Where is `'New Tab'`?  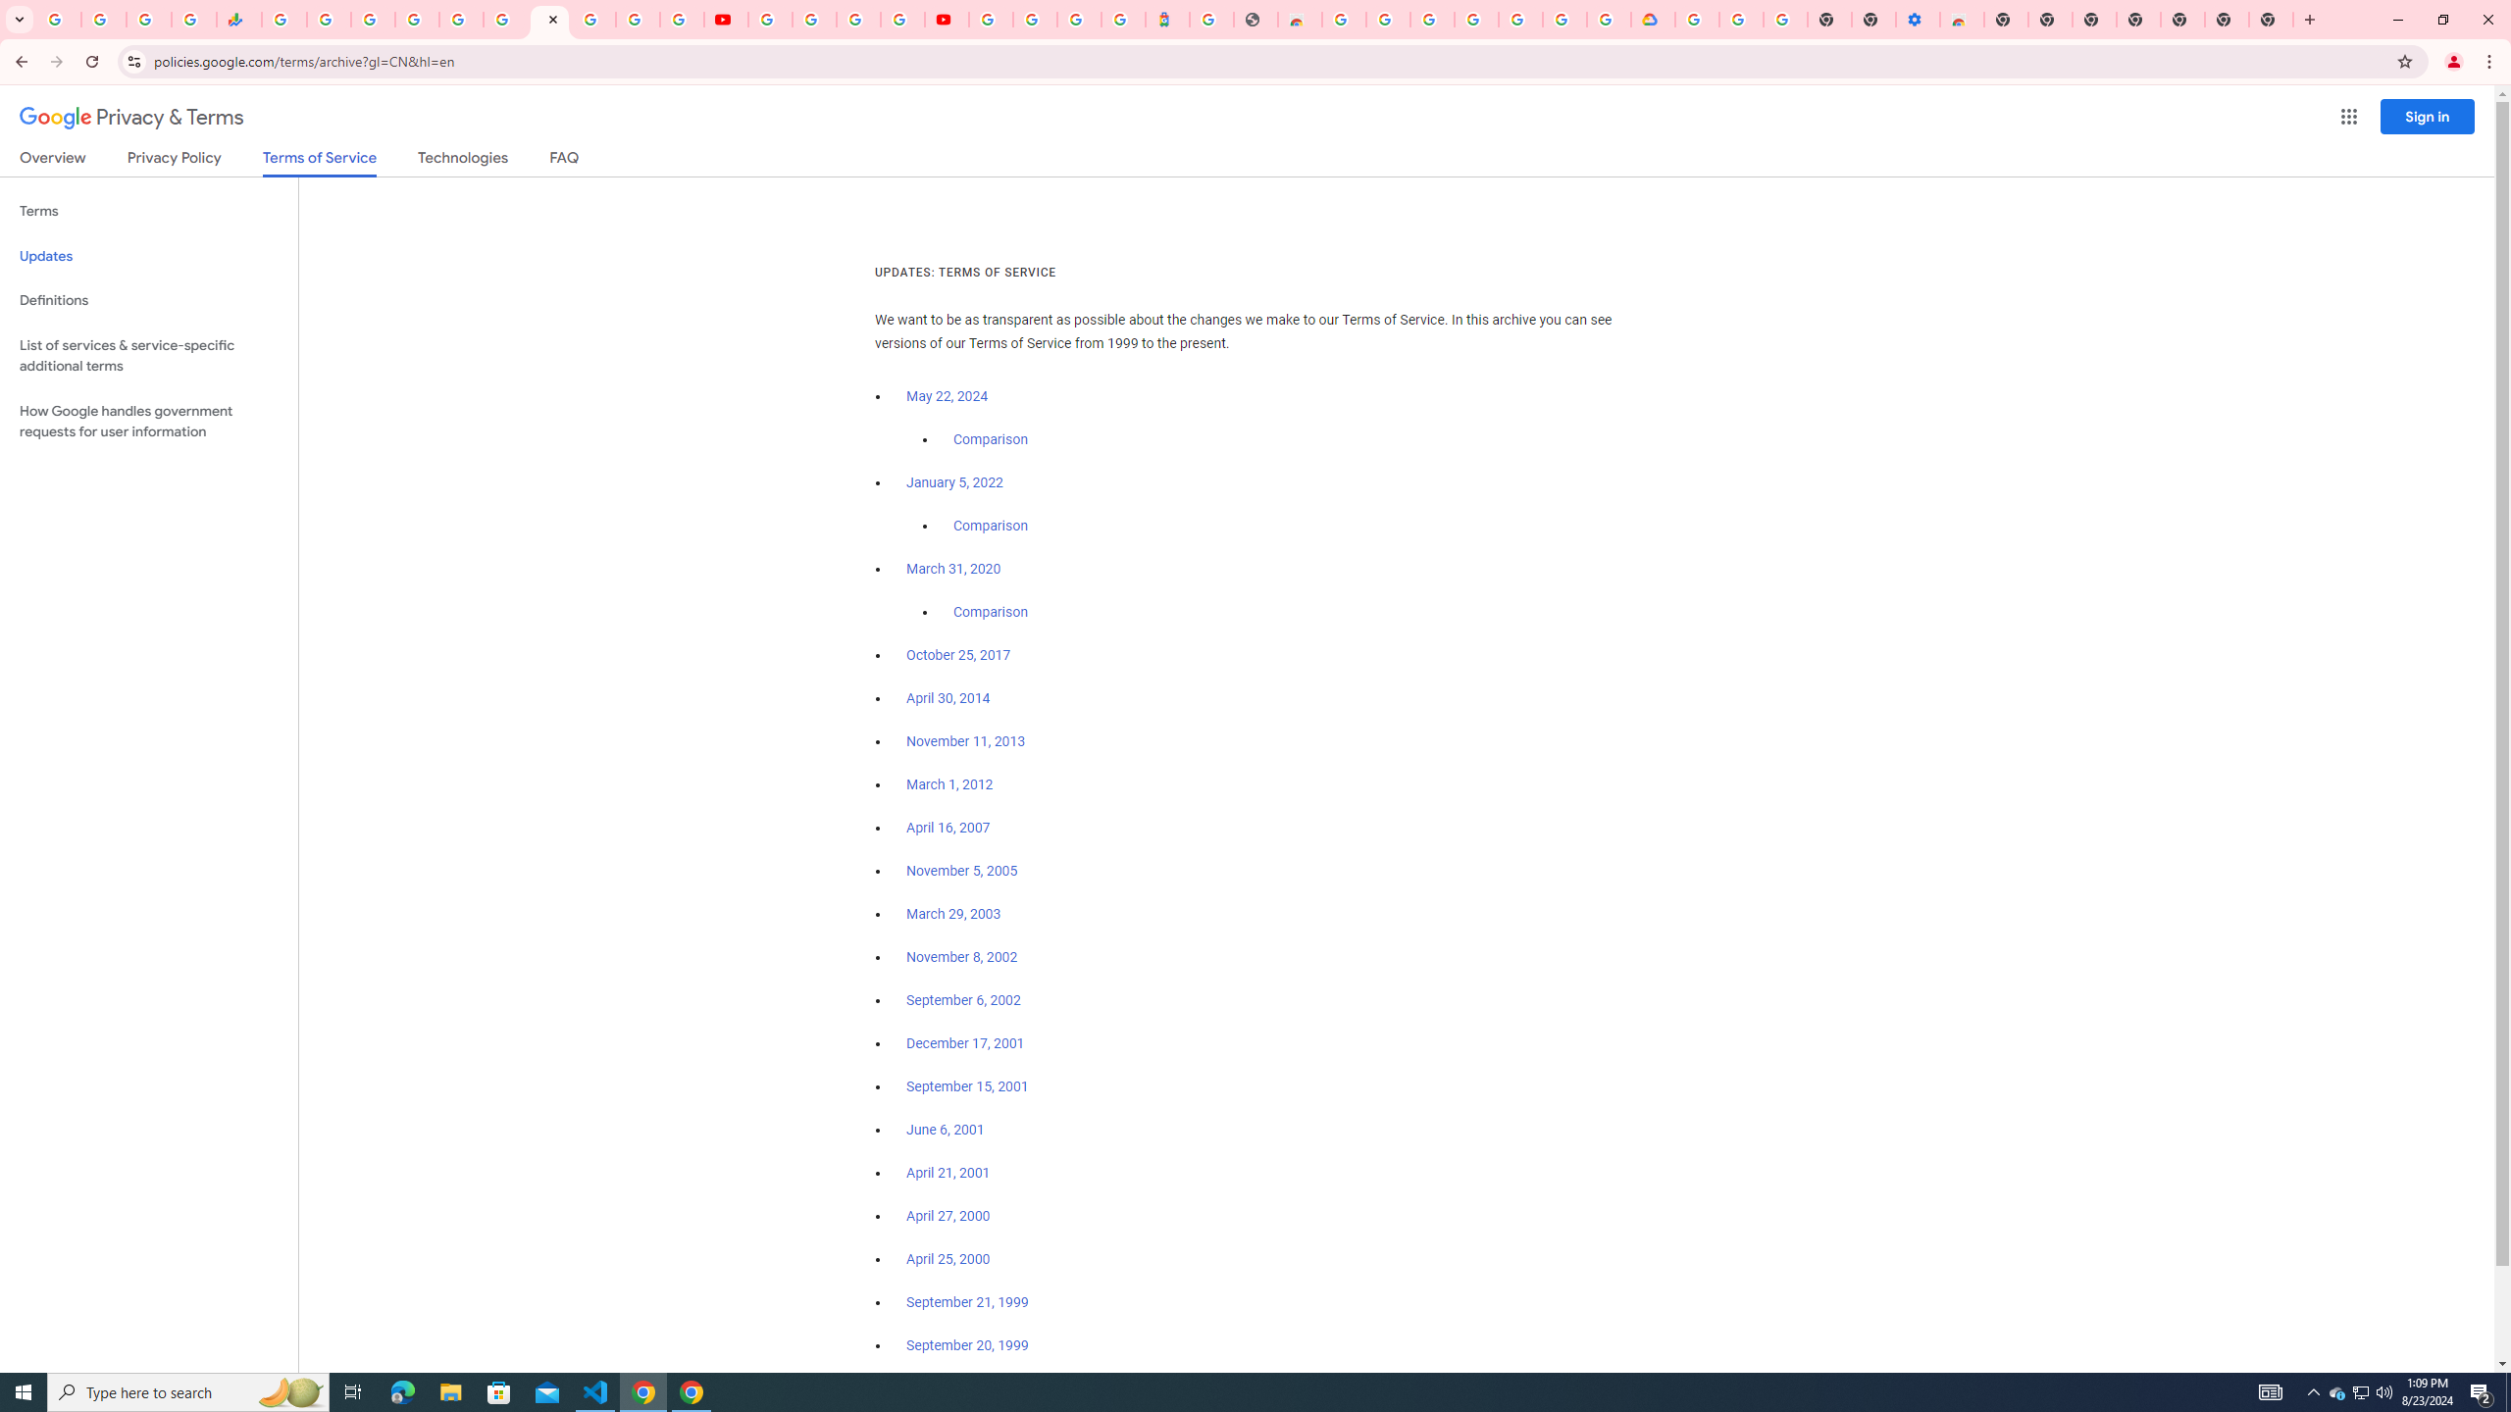
'New Tab' is located at coordinates (2182, 19).